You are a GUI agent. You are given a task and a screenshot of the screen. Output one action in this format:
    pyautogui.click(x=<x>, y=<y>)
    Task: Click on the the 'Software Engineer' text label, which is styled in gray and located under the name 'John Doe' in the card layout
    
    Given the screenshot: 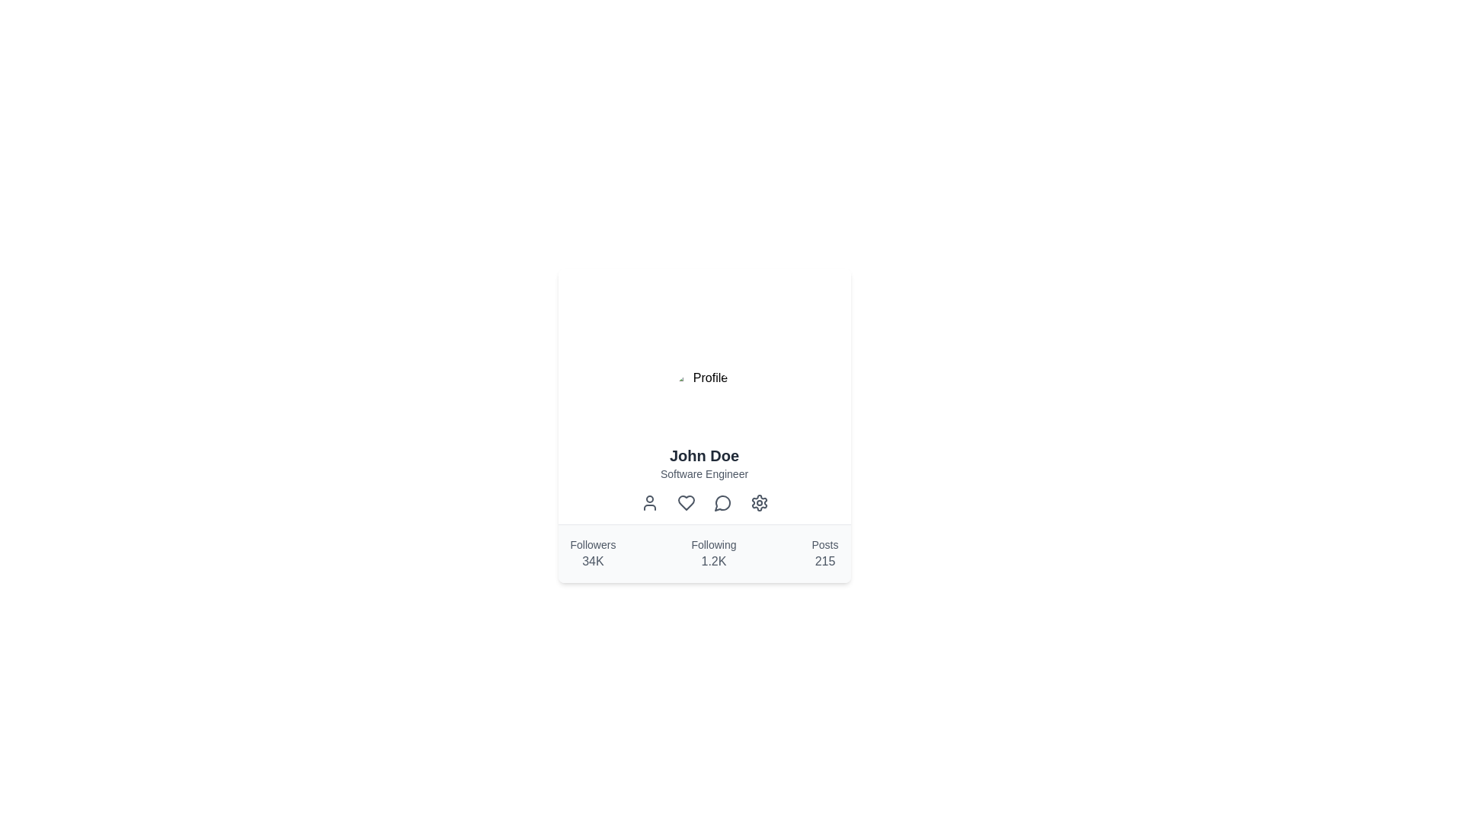 What is the action you would take?
    pyautogui.click(x=703, y=473)
    